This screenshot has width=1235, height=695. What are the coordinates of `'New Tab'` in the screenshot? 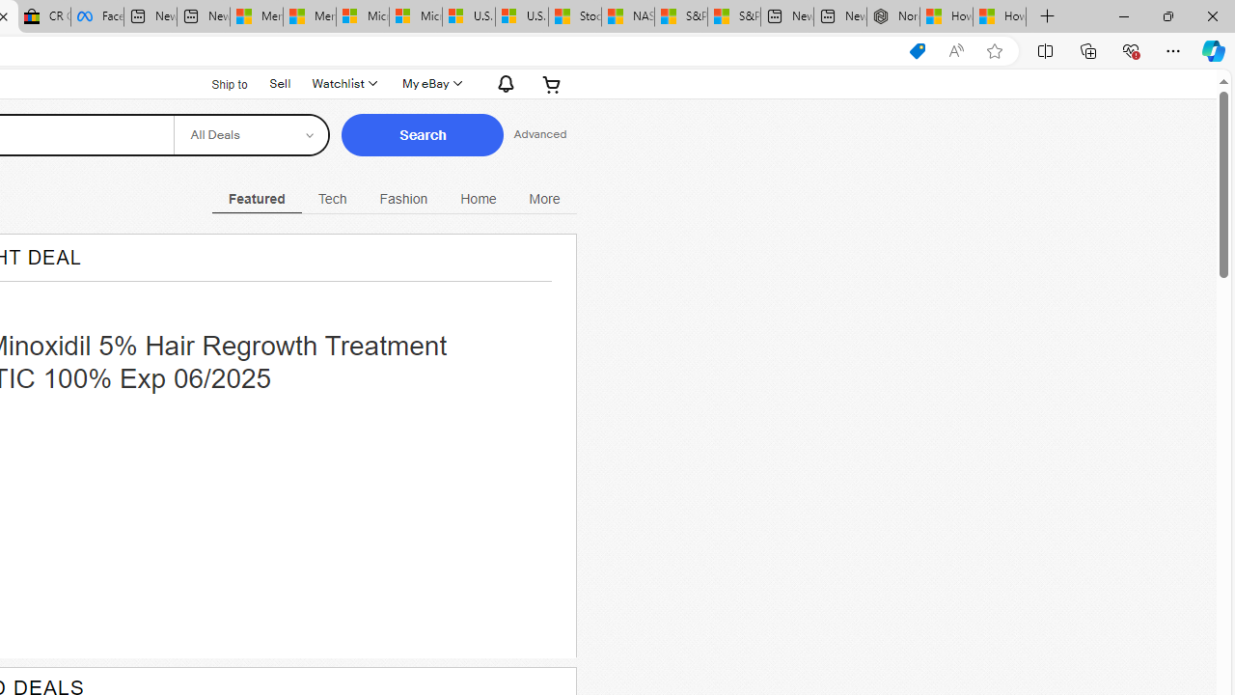 It's located at (1047, 16).